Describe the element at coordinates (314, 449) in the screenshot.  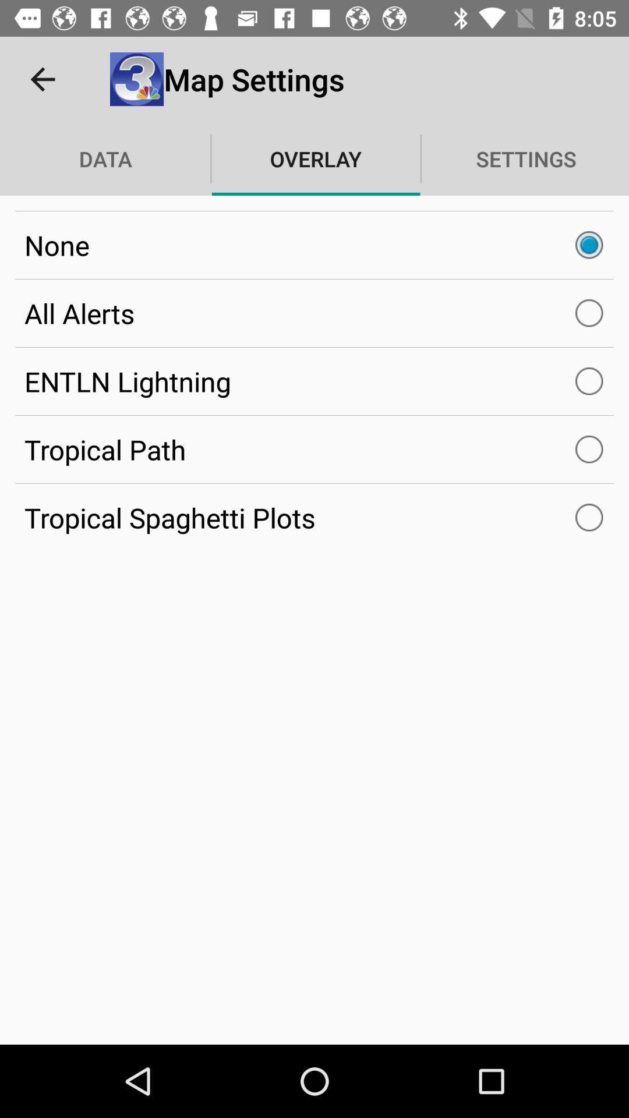
I see `the item below entln lightning item` at that location.